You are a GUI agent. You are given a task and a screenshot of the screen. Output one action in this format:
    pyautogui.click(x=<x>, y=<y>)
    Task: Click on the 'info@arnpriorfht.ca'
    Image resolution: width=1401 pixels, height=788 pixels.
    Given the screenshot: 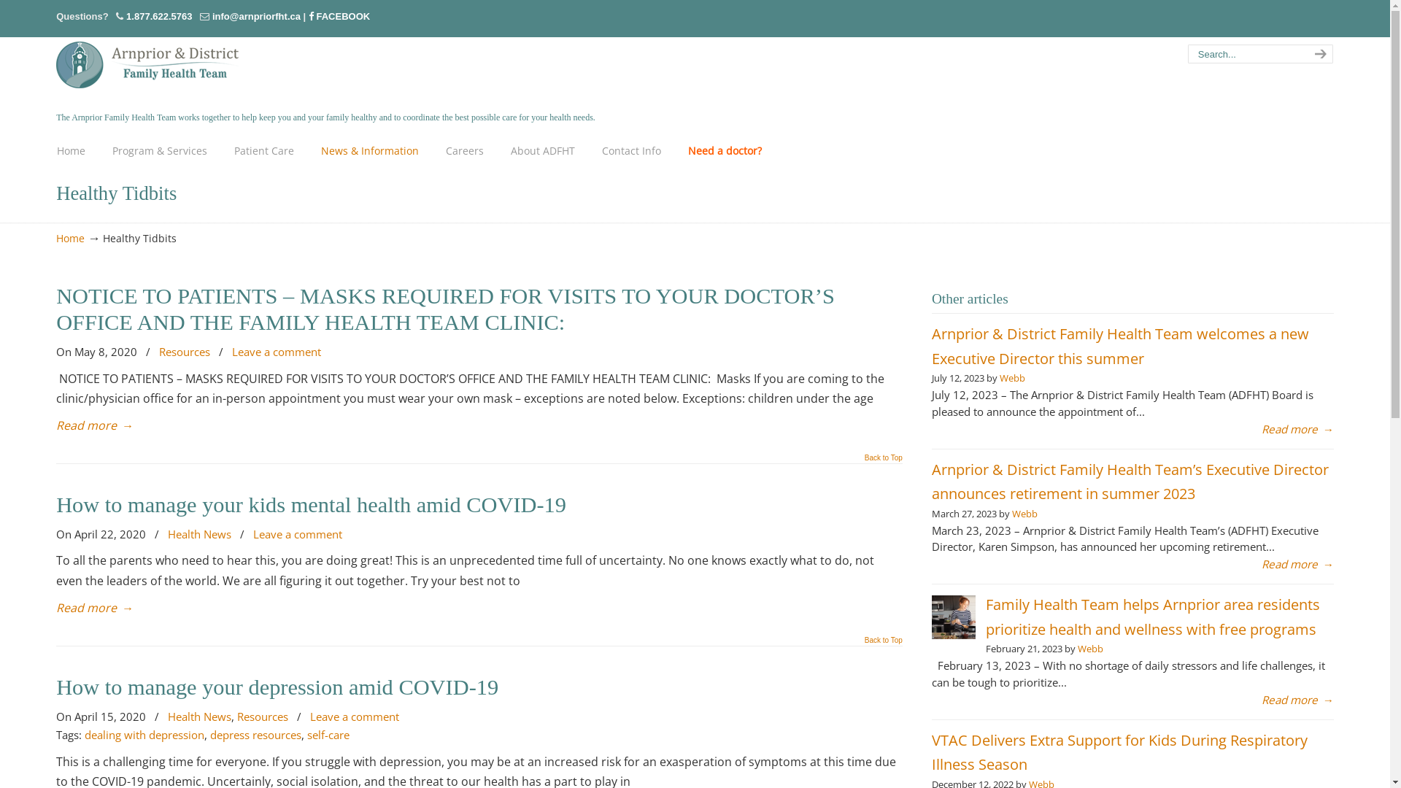 What is the action you would take?
    pyautogui.click(x=256, y=16)
    